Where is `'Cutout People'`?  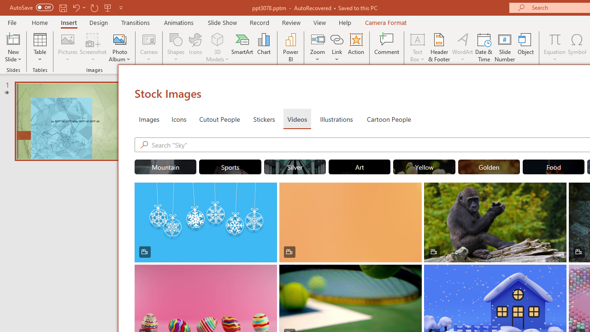 'Cutout People' is located at coordinates (219, 119).